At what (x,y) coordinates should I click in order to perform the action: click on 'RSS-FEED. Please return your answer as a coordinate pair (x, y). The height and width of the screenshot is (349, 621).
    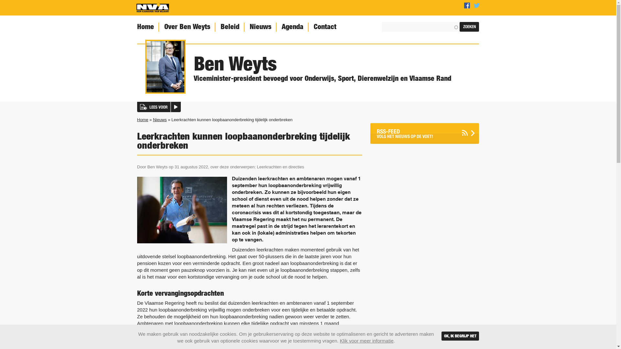
    Looking at the image, I should click on (425, 133).